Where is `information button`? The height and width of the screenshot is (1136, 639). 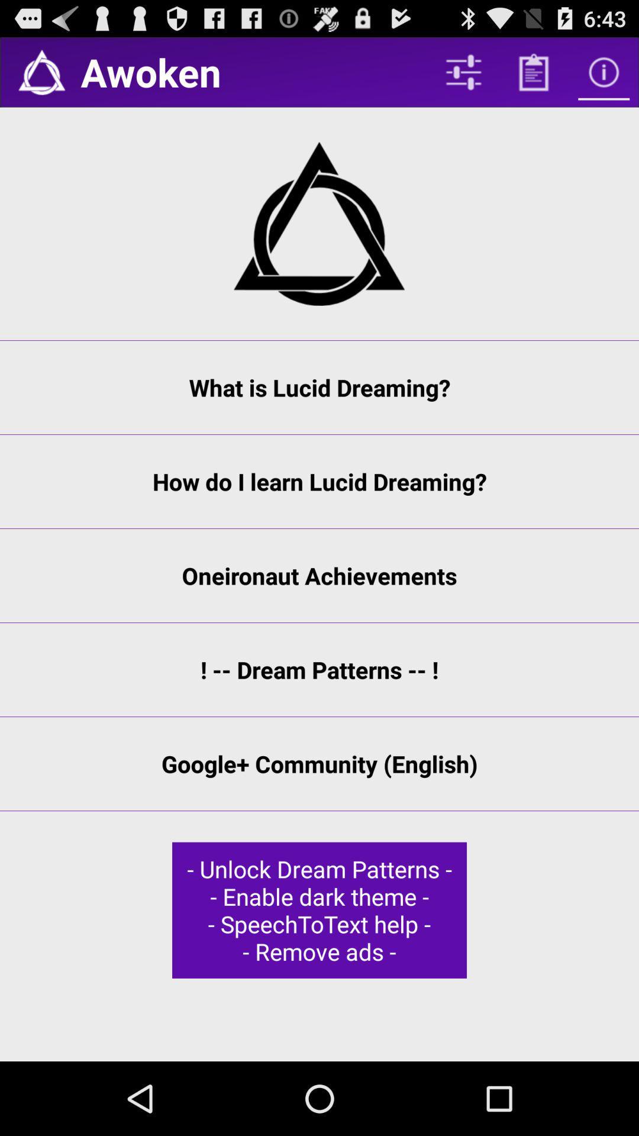 information button is located at coordinates (603, 72).